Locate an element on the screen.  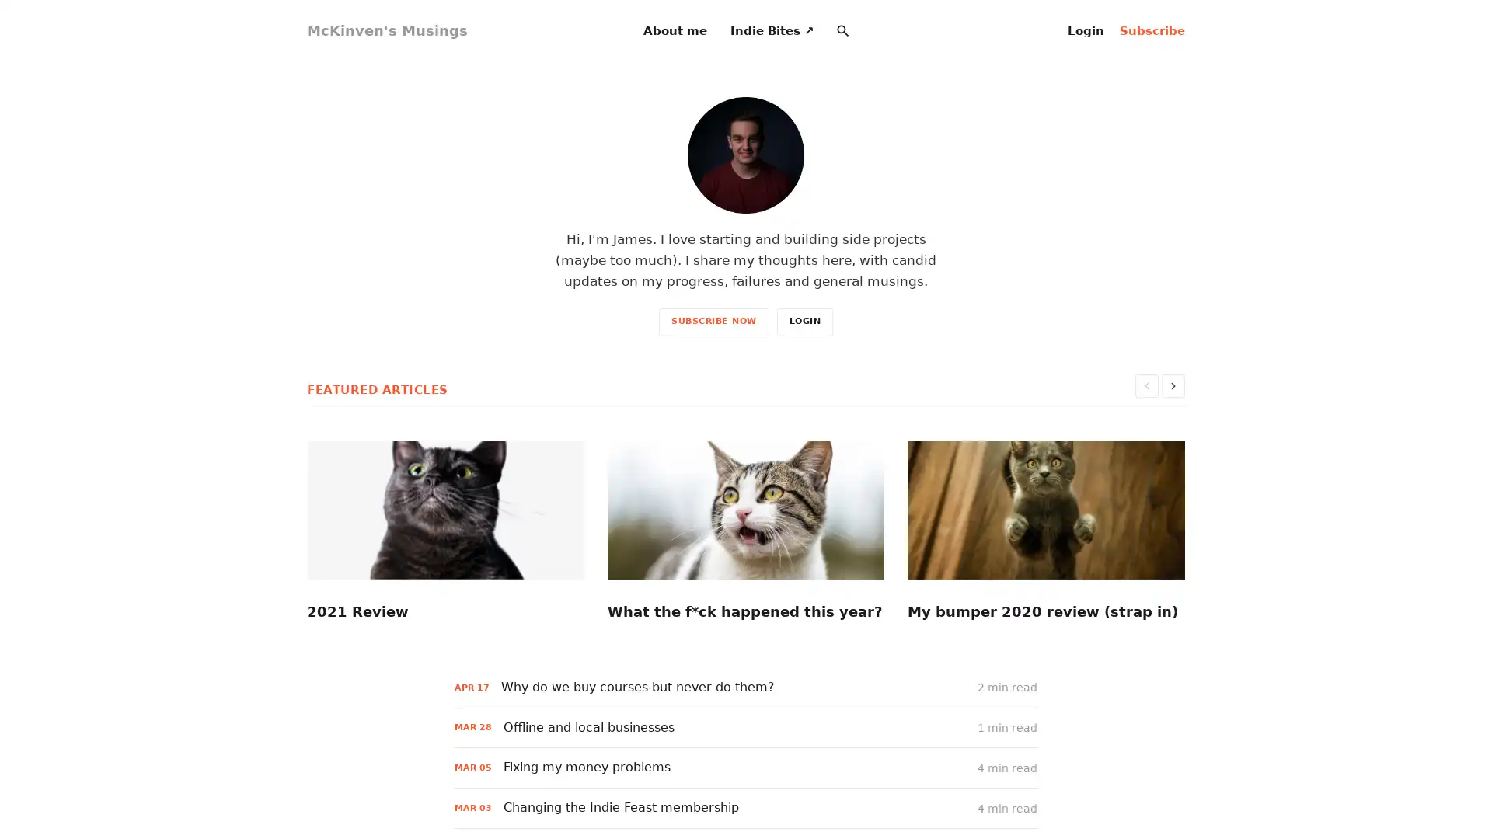
SUBSCRIBE NOW is located at coordinates (713, 320).